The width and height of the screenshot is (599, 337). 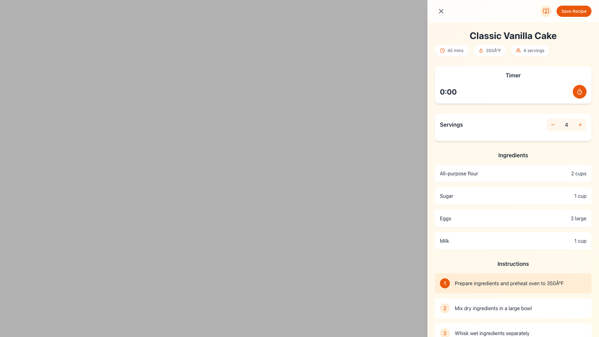 What do you see at coordinates (580, 125) in the screenshot?
I see `the button that increases the number of servings displayed in the Servings section to observe potential interactive feedback` at bounding box center [580, 125].